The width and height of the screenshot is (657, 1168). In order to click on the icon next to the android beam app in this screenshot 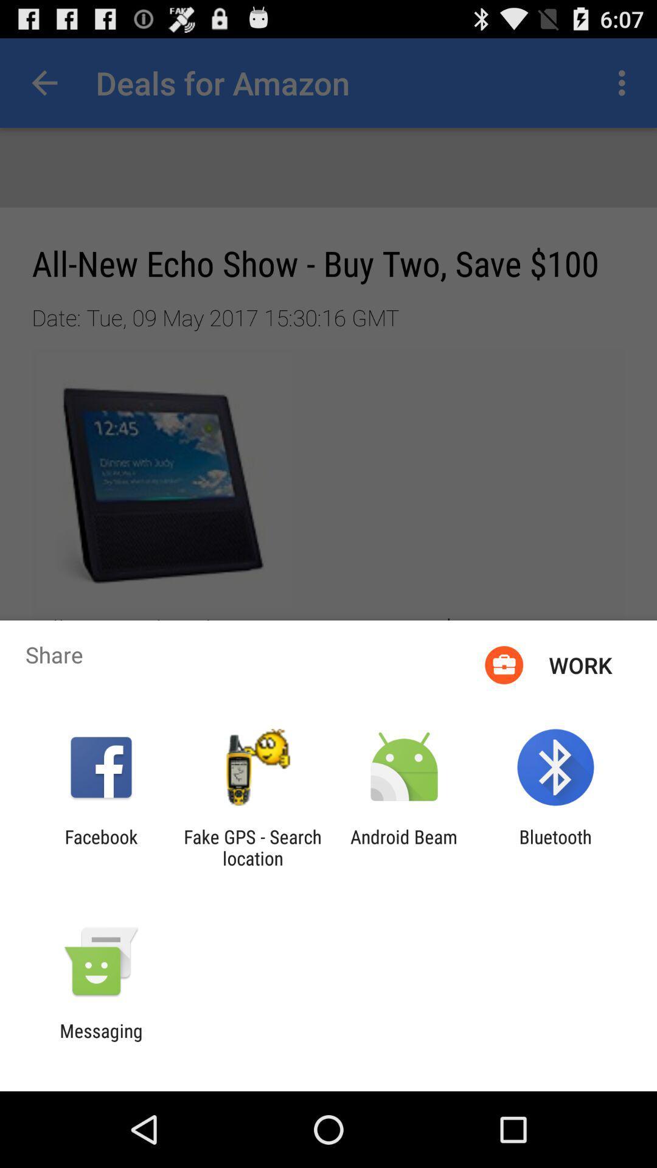, I will do `click(555, 847)`.